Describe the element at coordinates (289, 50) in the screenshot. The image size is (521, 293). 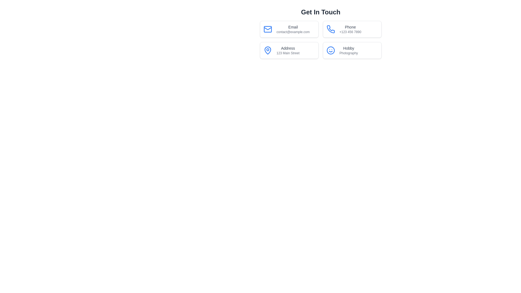
I see `the descriptive text block displaying an address` at that location.